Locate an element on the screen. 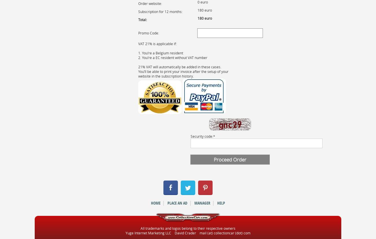 This screenshot has width=376, height=239. '1. You’re a Belgium resident' is located at coordinates (137, 52).